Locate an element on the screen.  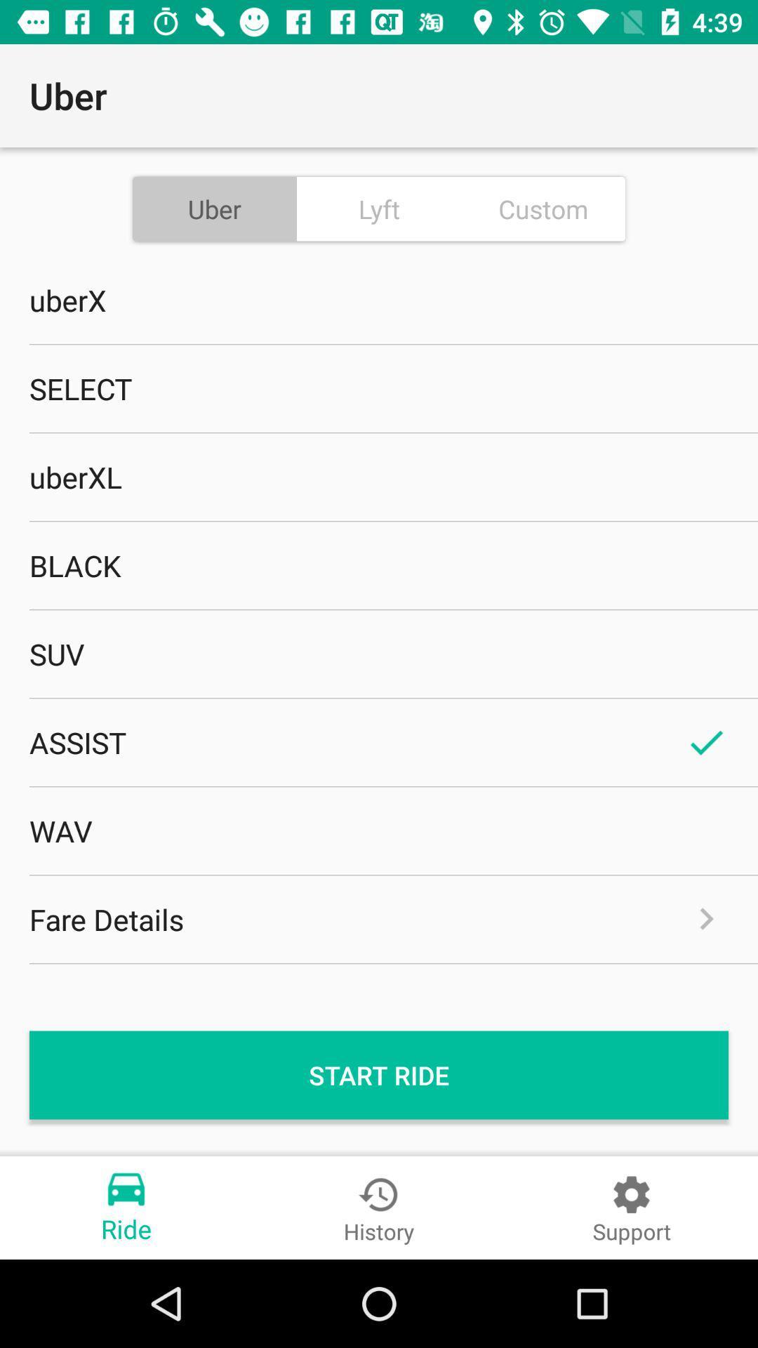
the black is located at coordinates (379, 565).